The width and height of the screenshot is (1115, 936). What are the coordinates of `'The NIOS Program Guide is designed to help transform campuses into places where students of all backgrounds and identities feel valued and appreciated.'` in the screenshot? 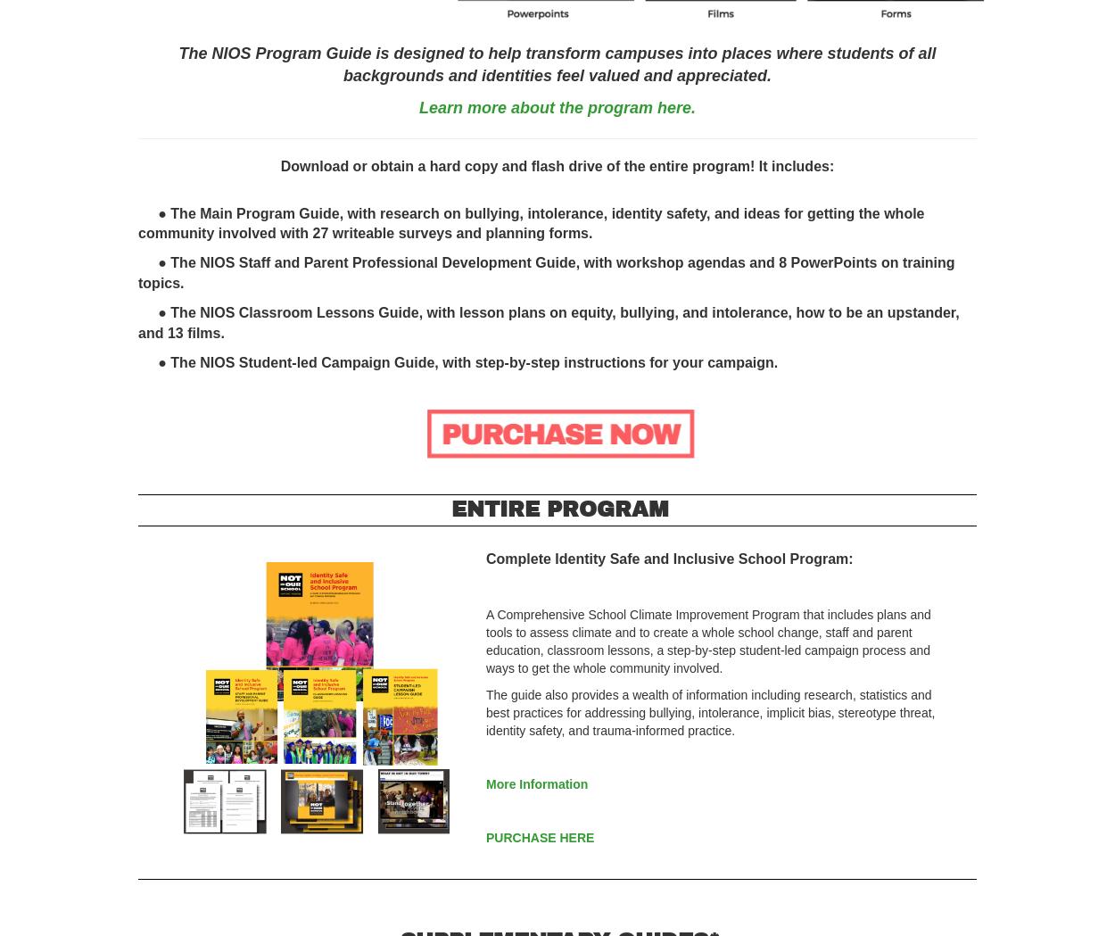 It's located at (556, 63).